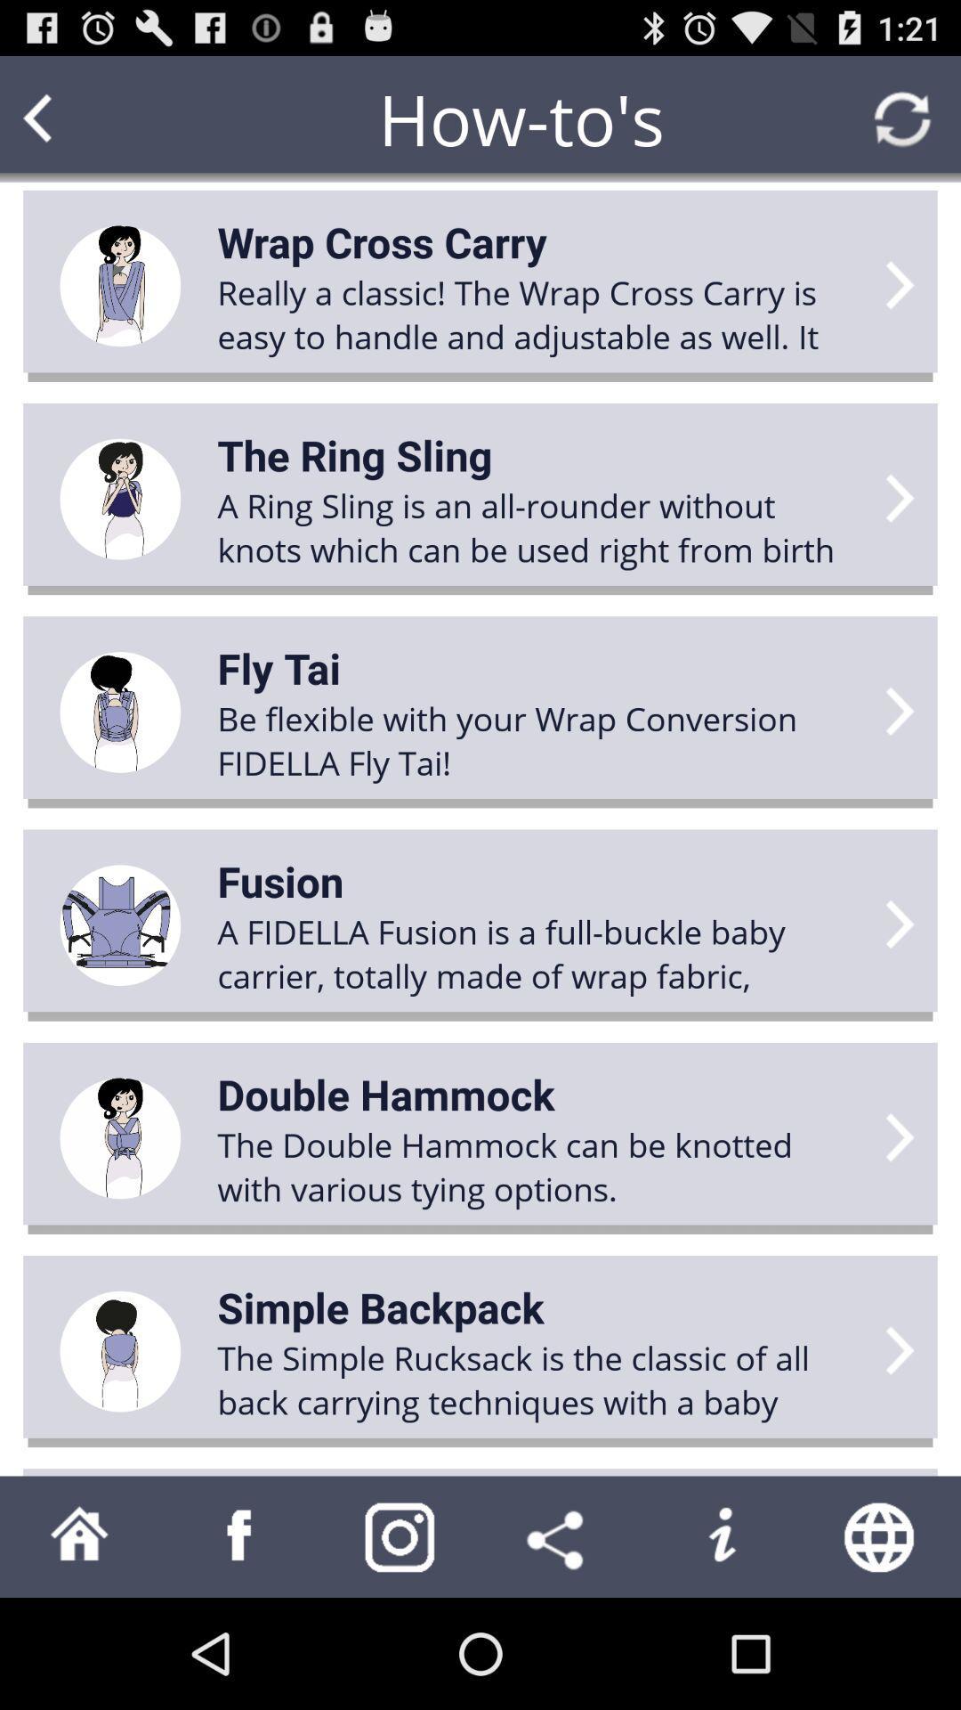 The image size is (961, 1710). I want to click on connect to web, so click(881, 1535).